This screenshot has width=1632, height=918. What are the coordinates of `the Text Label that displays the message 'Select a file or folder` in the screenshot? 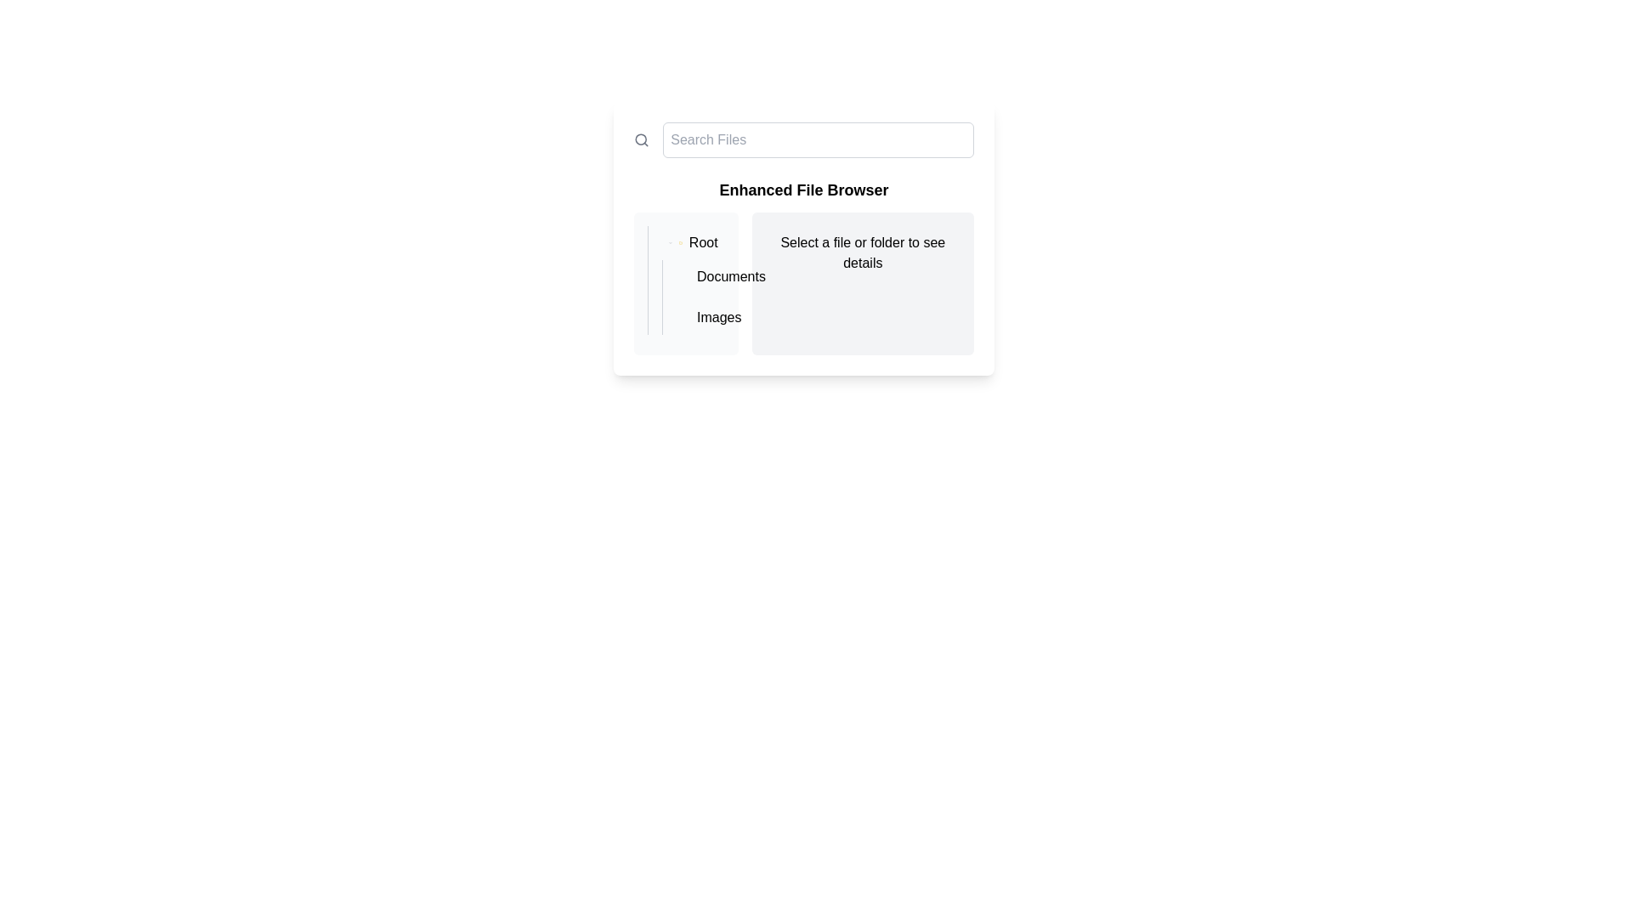 It's located at (863, 252).